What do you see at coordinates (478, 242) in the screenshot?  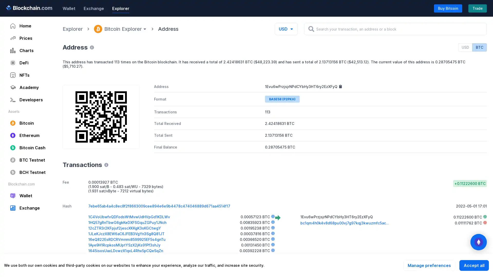 I see `alternating coins` at bounding box center [478, 242].